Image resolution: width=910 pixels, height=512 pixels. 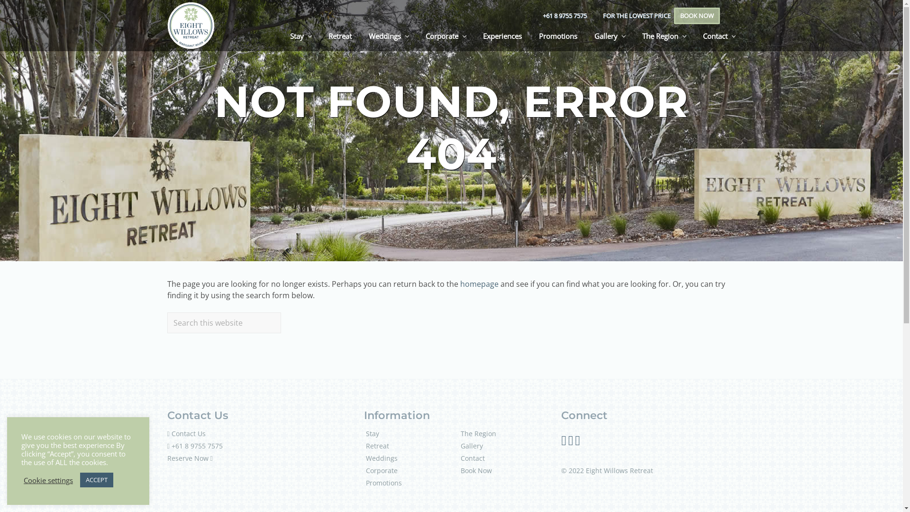 What do you see at coordinates (697, 16) in the screenshot?
I see `'BOOK NOW'` at bounding box center [697, 16].